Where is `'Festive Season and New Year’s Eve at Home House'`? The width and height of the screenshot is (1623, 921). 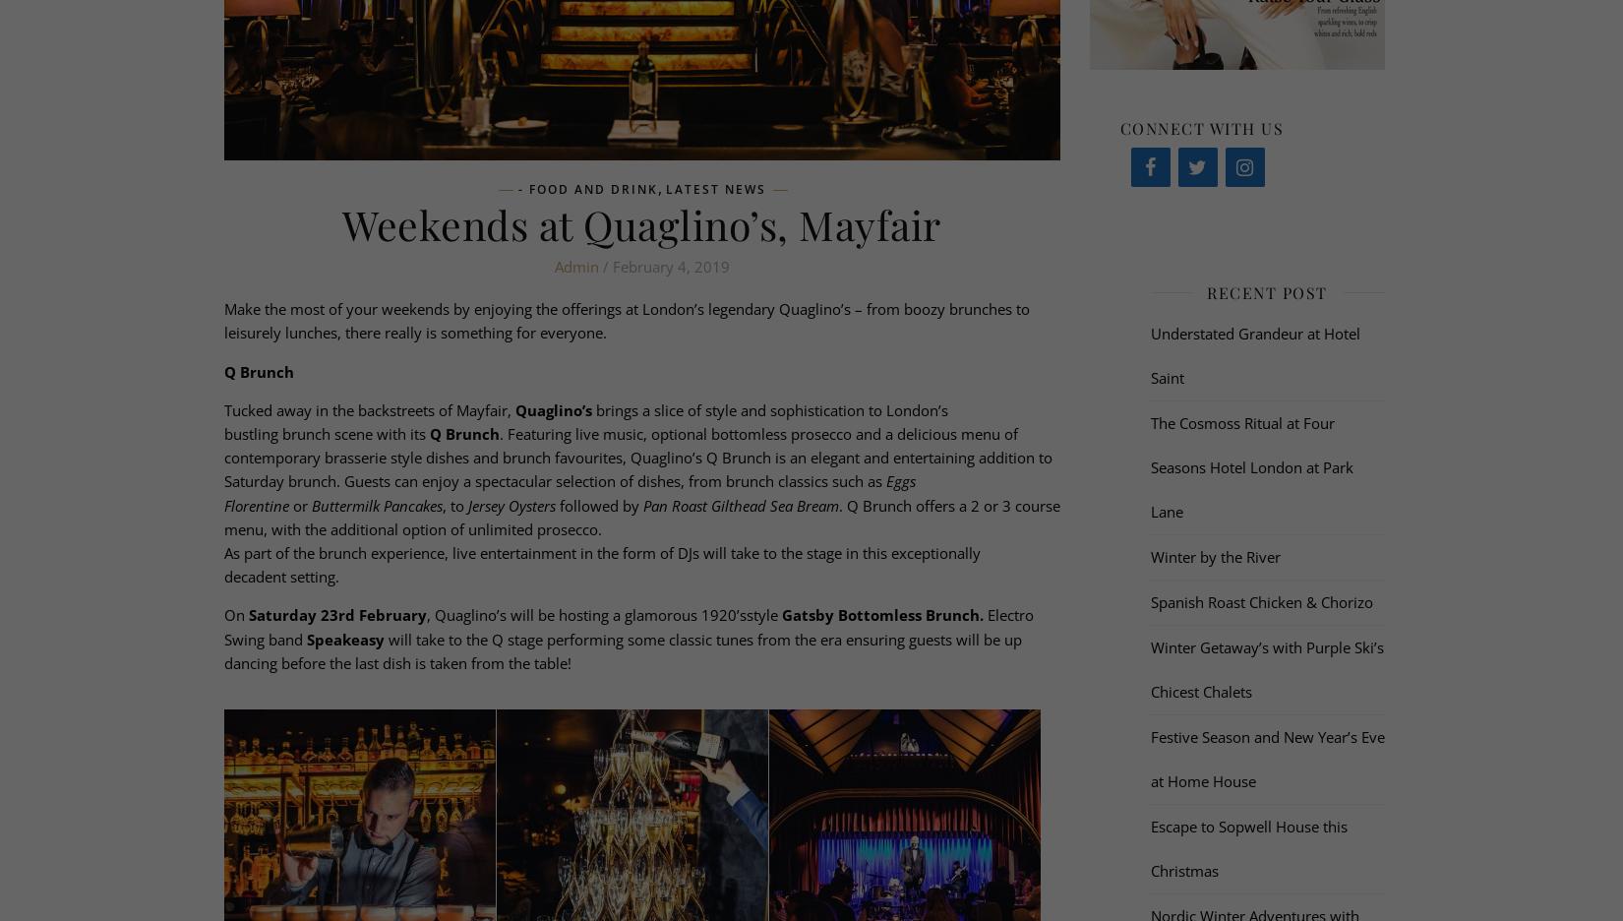
'Festive Season and New Year’s Eve at Home House' is located at coordinates (1265, 758).